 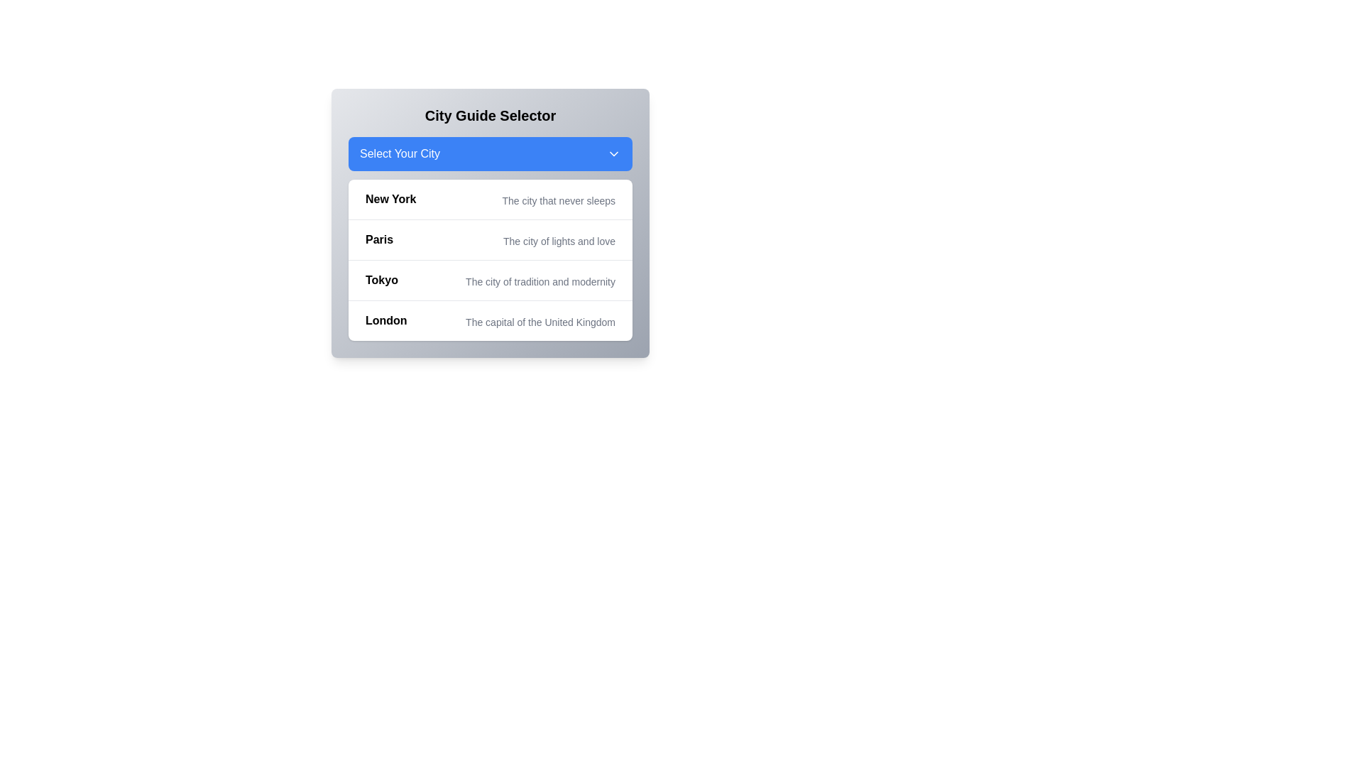 I want to click on the 'Select Your City' text label which is displayed in white font on a blue background within a dropdown selector, so click(x=399, y=153).